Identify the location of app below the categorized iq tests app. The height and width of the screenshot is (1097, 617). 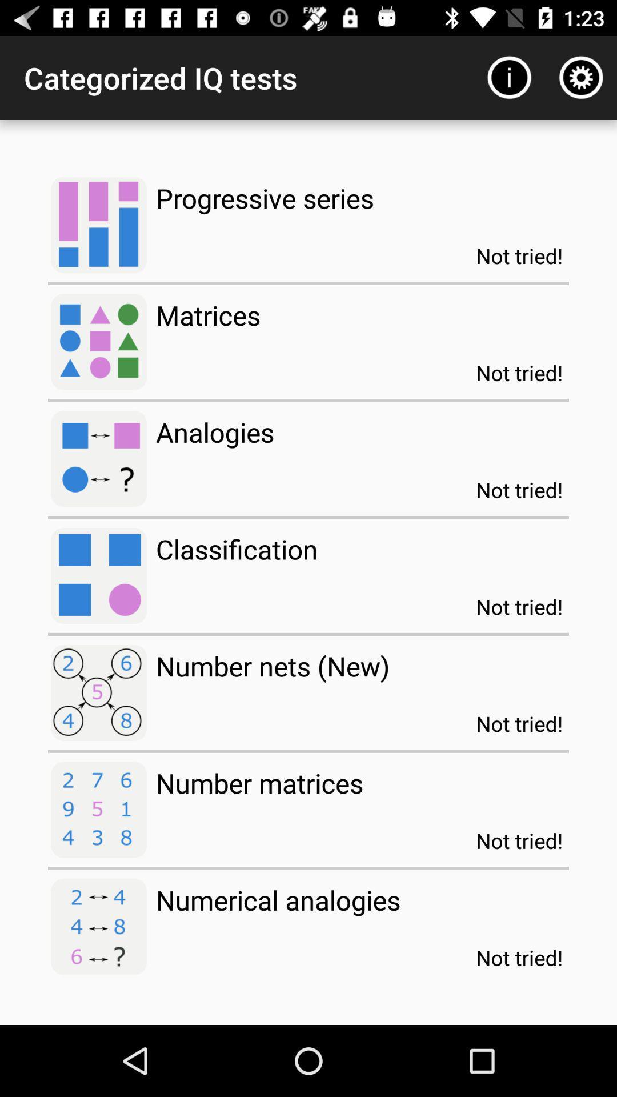
(265, 198).